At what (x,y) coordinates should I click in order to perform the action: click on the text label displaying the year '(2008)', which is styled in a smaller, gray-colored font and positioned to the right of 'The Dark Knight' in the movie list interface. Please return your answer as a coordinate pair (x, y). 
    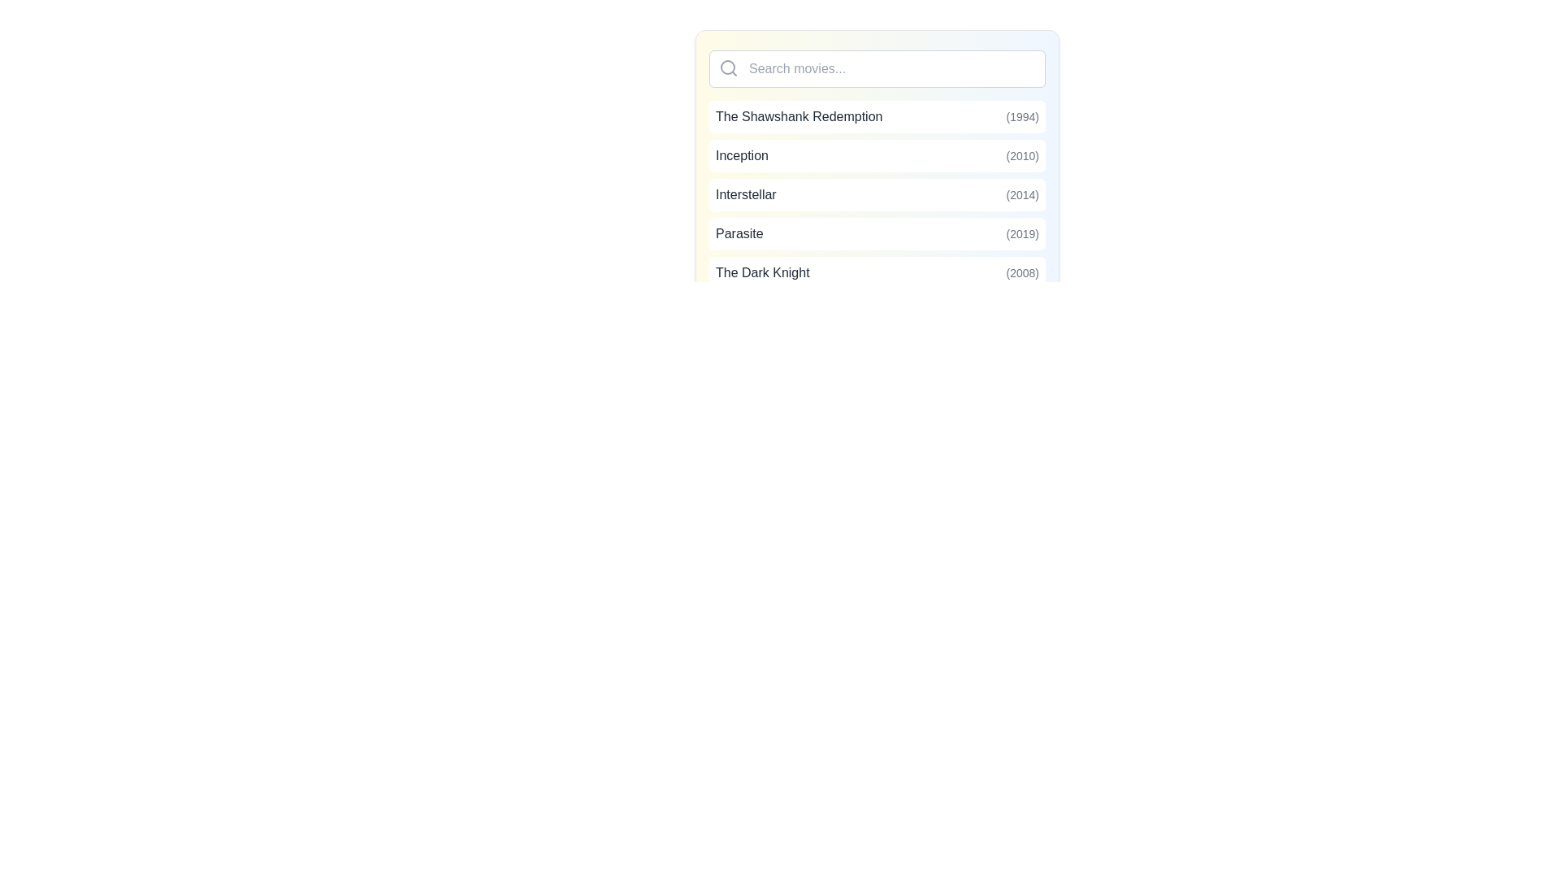
    Looking at the image, I should click on (1021, 272).